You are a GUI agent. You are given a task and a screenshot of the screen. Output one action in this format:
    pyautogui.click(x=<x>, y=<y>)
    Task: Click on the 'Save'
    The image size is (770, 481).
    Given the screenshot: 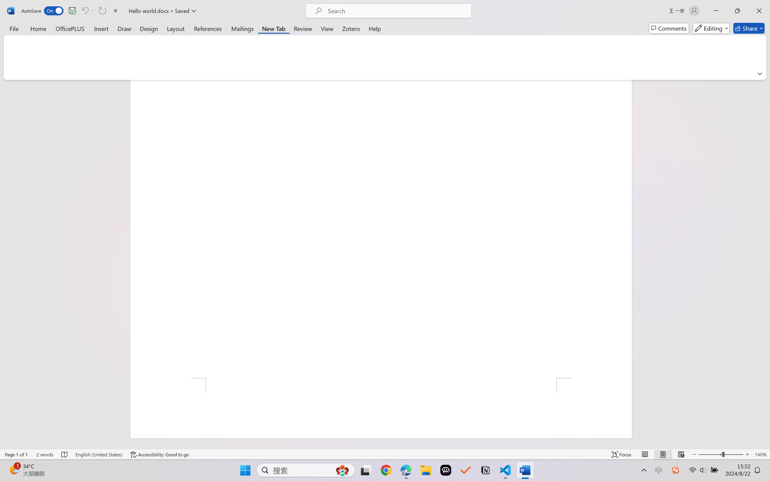 What is the action you would take?
    pyautogui.click(x=72, y=10)
    